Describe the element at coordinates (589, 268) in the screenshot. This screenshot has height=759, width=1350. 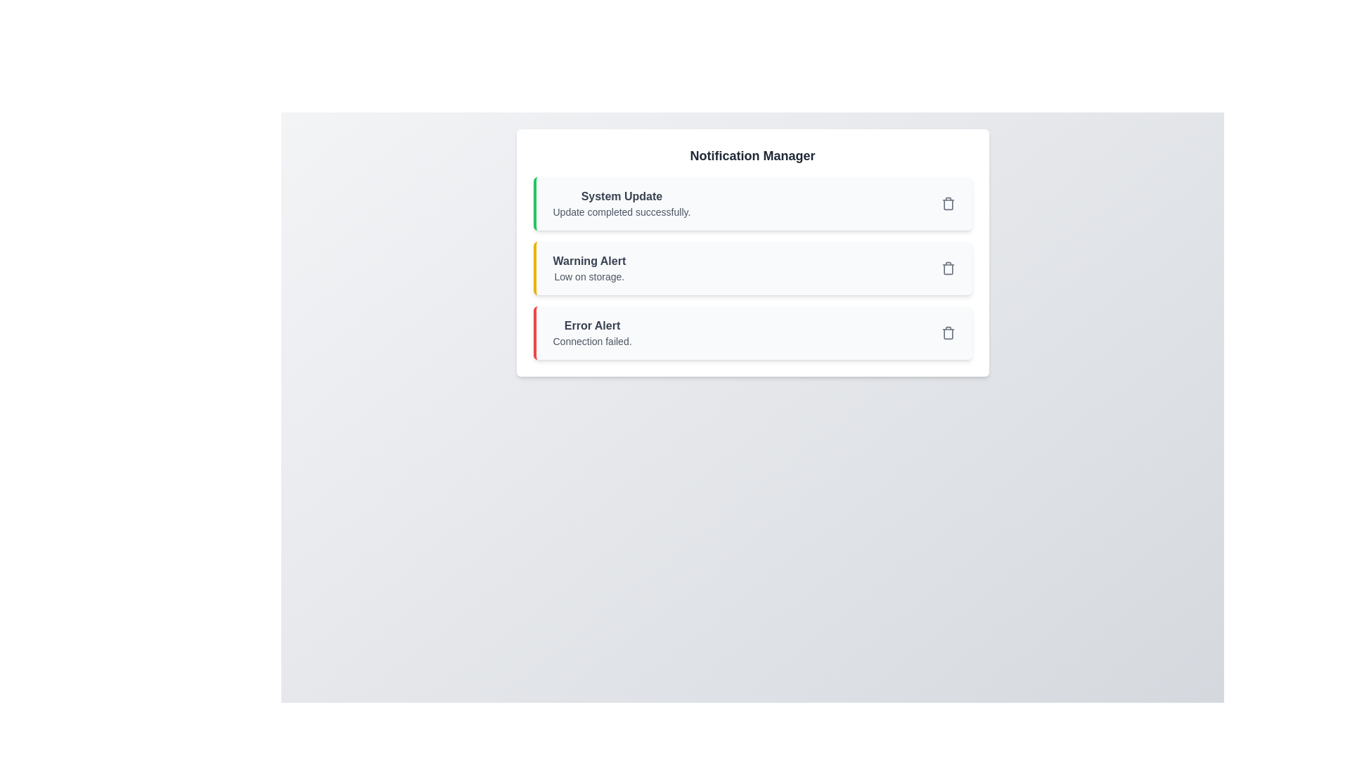
I see `warning message text from the Text Label located in the middle of the alert notifications list, positioned between the 'System Update' alert and the 'Error Alert'` at that location.